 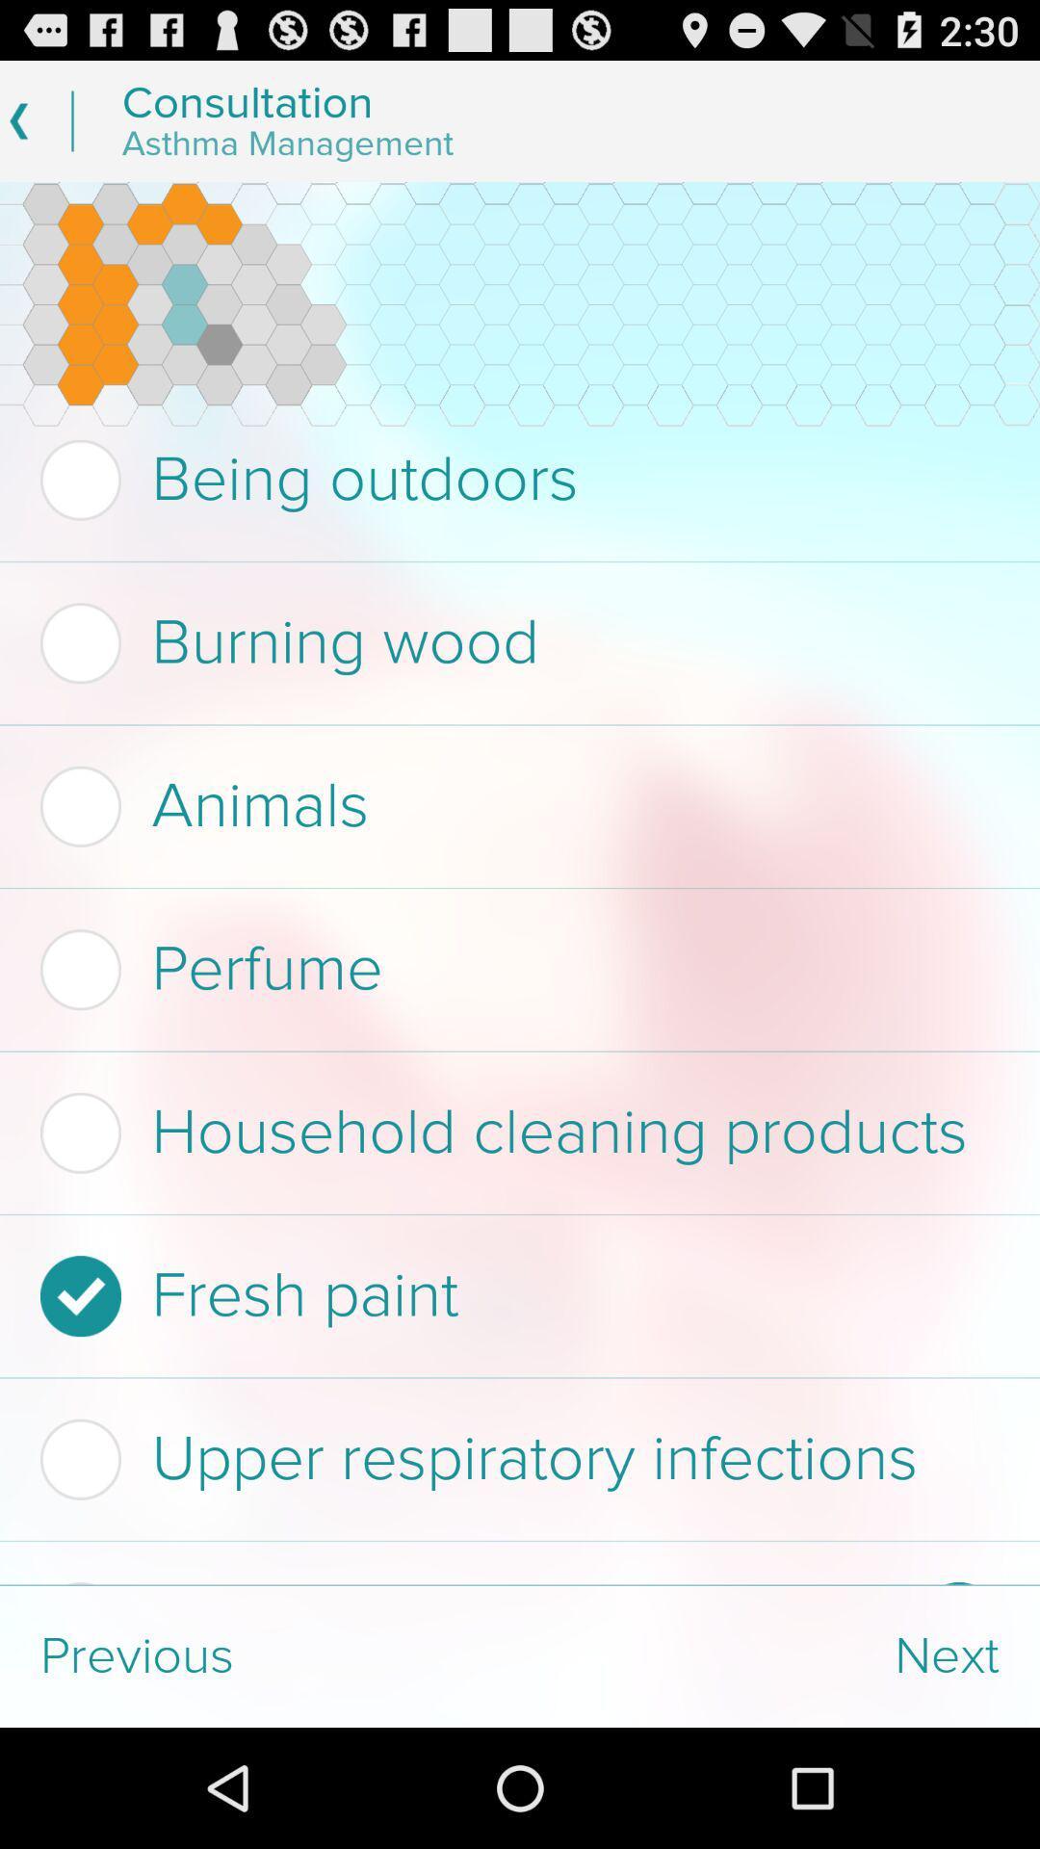 What do you see at coordinates (513, 1133) in the screenshot?
I see `the icon below the perfume` at bounding box center [513, 1133].